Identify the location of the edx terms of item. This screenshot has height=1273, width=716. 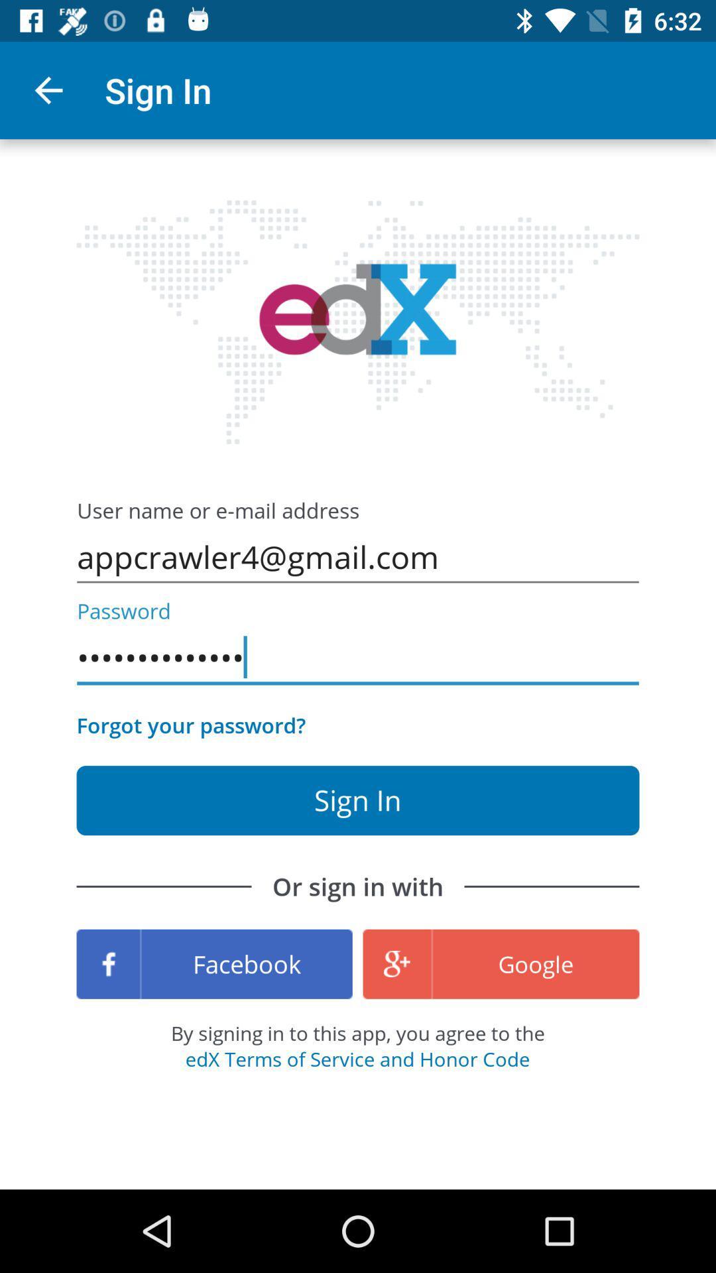
(357, 1058).